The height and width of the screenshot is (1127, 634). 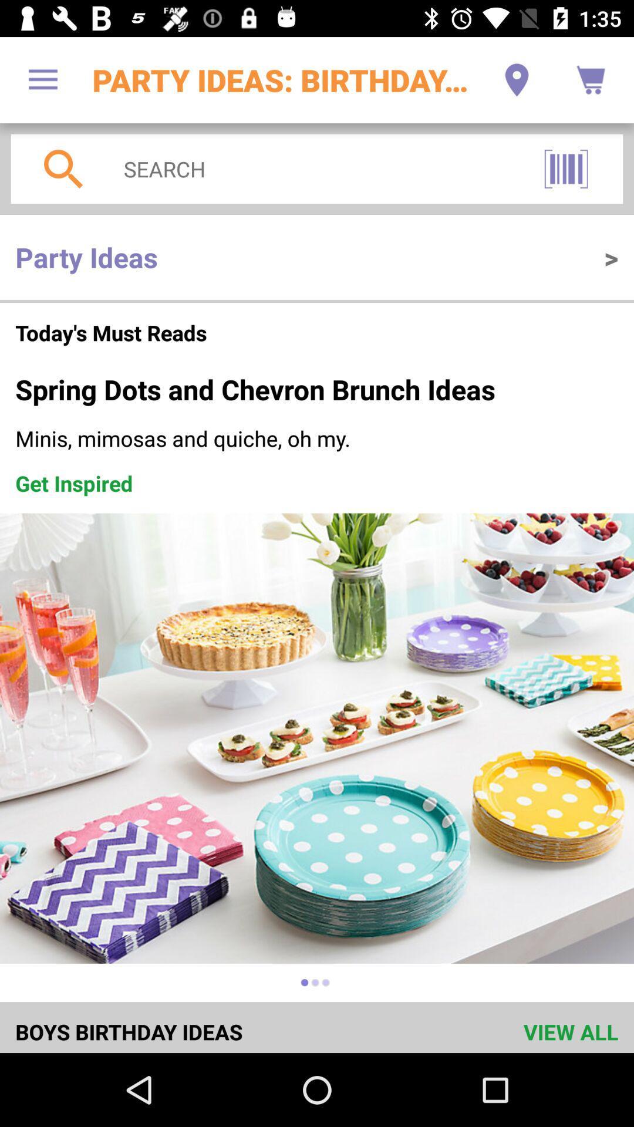 What do you see at coordinates (42, 79) in the screenshot?
I see `the app next to the party ideas birthday app` at bounding box center [42, 79].